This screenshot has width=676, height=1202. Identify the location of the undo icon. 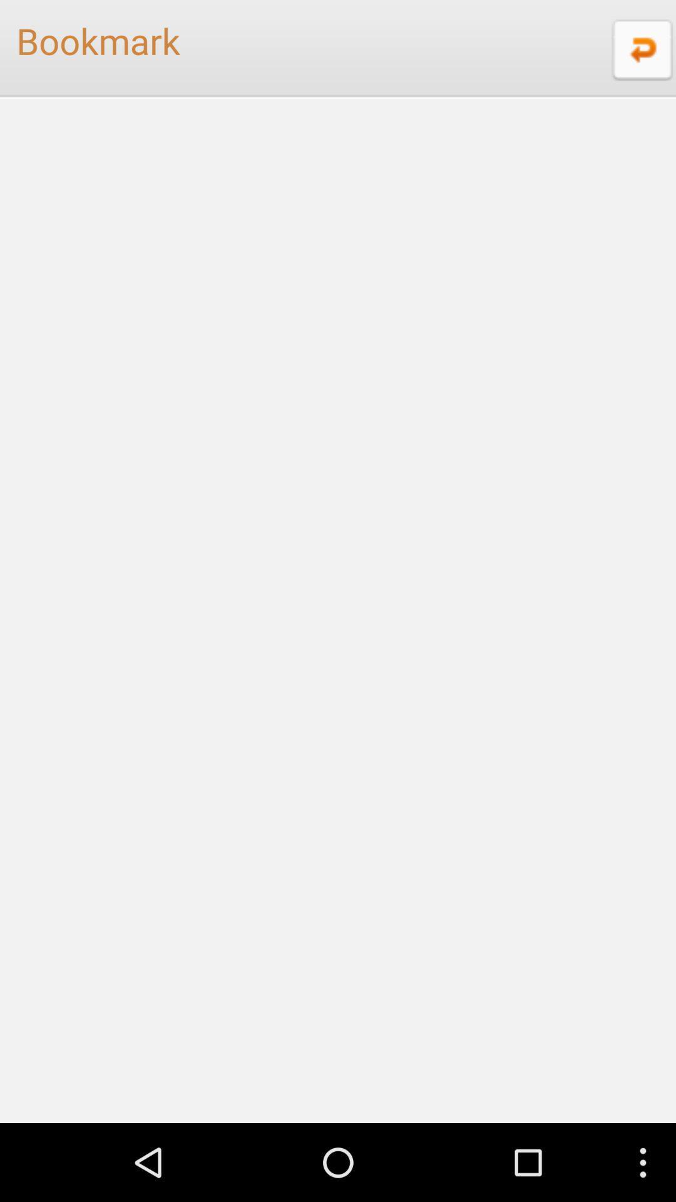
(640, 52).